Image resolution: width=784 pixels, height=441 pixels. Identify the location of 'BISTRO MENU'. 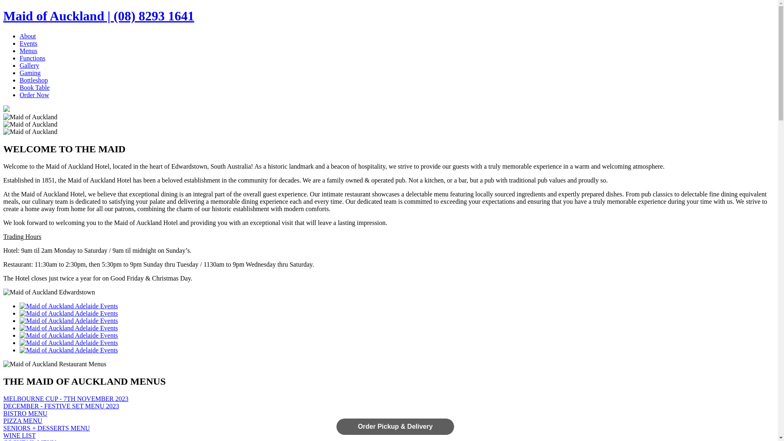
(388, 414).